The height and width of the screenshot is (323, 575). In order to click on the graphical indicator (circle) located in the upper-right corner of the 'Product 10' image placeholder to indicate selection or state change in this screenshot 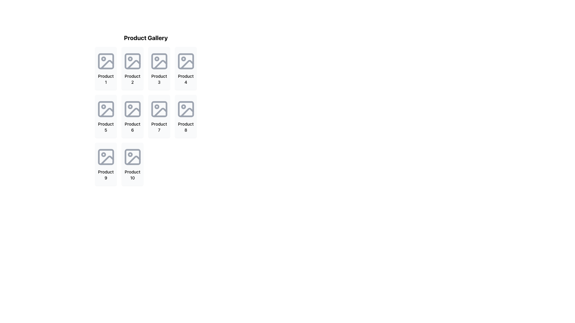, I will do `click(130, 154)`.